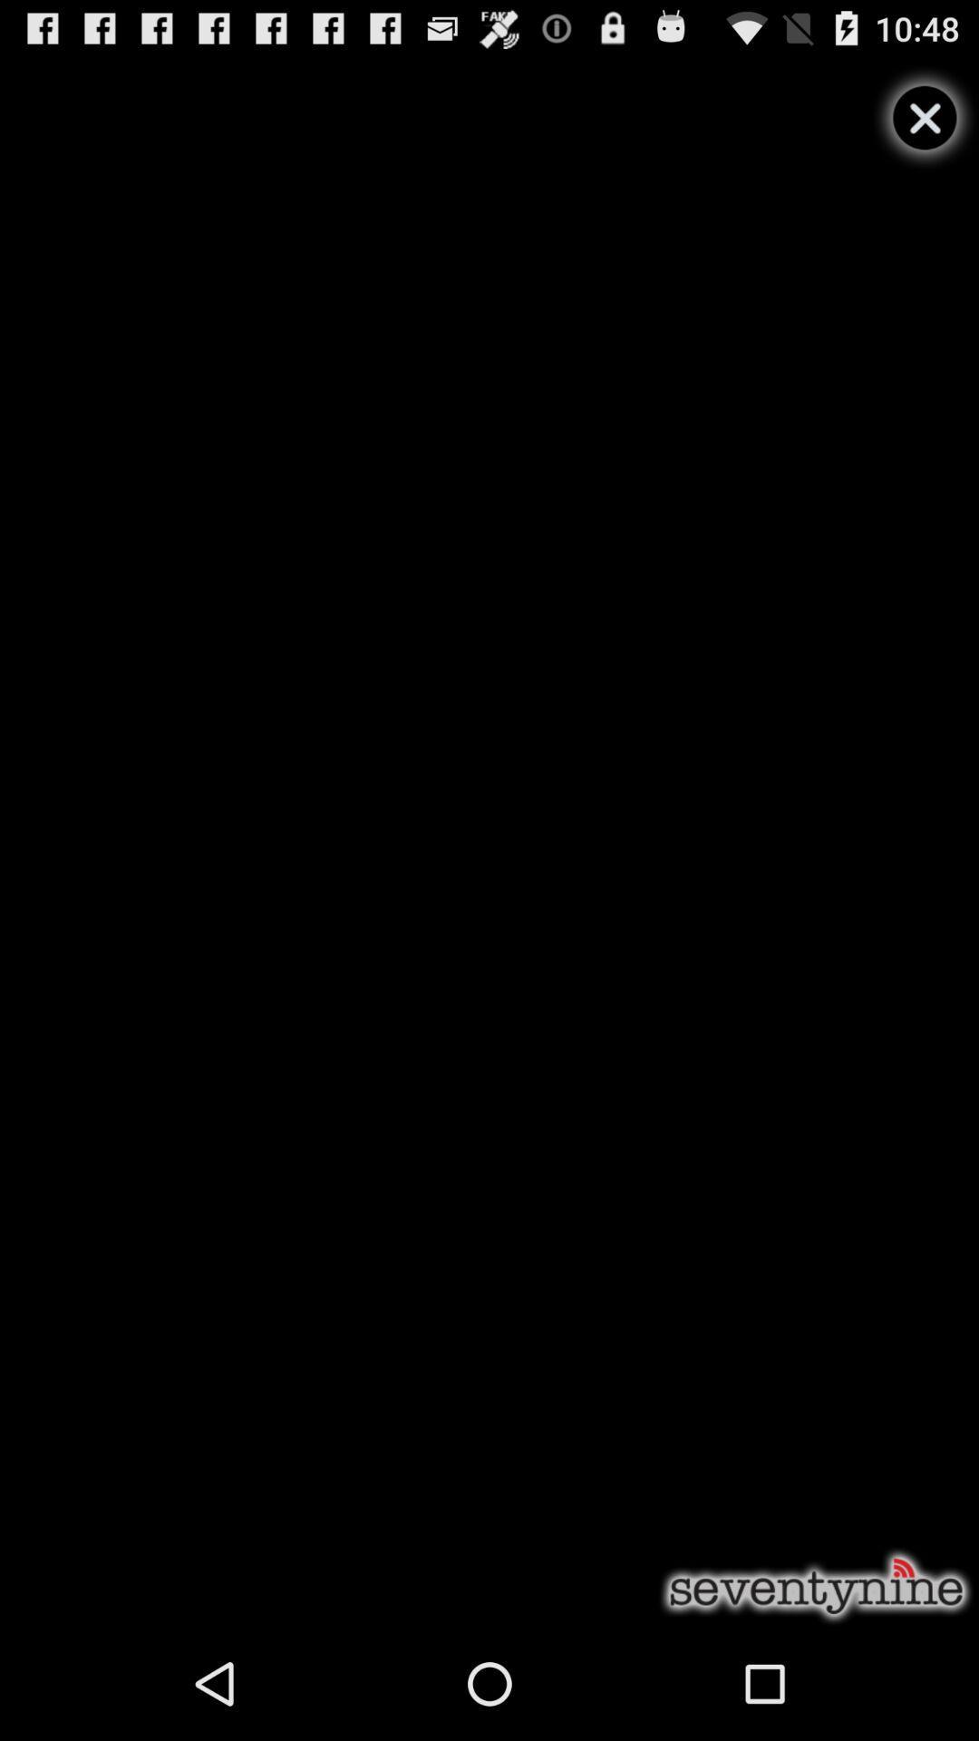 This screenshot has height=1741, width=979. Describe the element at coordinates (925, 125) in the screenshot. I see `the close icon` at that location.